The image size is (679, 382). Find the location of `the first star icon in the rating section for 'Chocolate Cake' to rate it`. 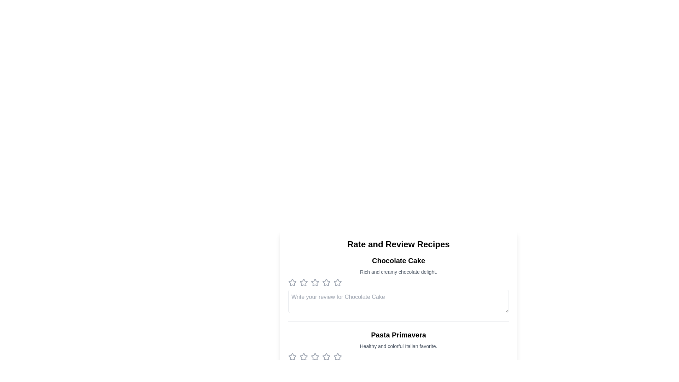

the first star icon in the rating section for 'Chocolate Cake' to rate it is located at coordinates (292, 282).